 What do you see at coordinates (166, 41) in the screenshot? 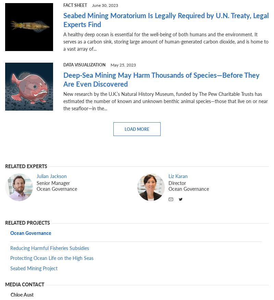
I see `'A healthy deep ocean is essential for the well-being of both humans and the environment. It serves as a carbon sink, storing large amount of human-generated carbon dioxide, and is home to a vast array of...'` at bounding box center [166, 41].